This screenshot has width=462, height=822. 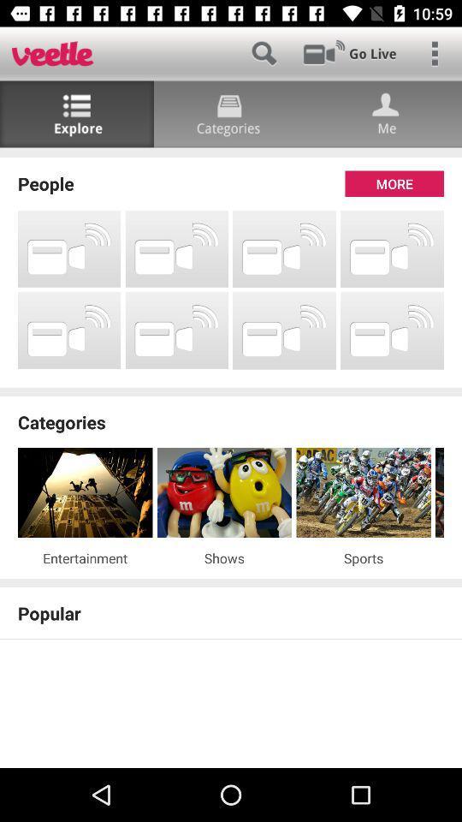 I want to click on the popular app, so click(x=231, y=613).